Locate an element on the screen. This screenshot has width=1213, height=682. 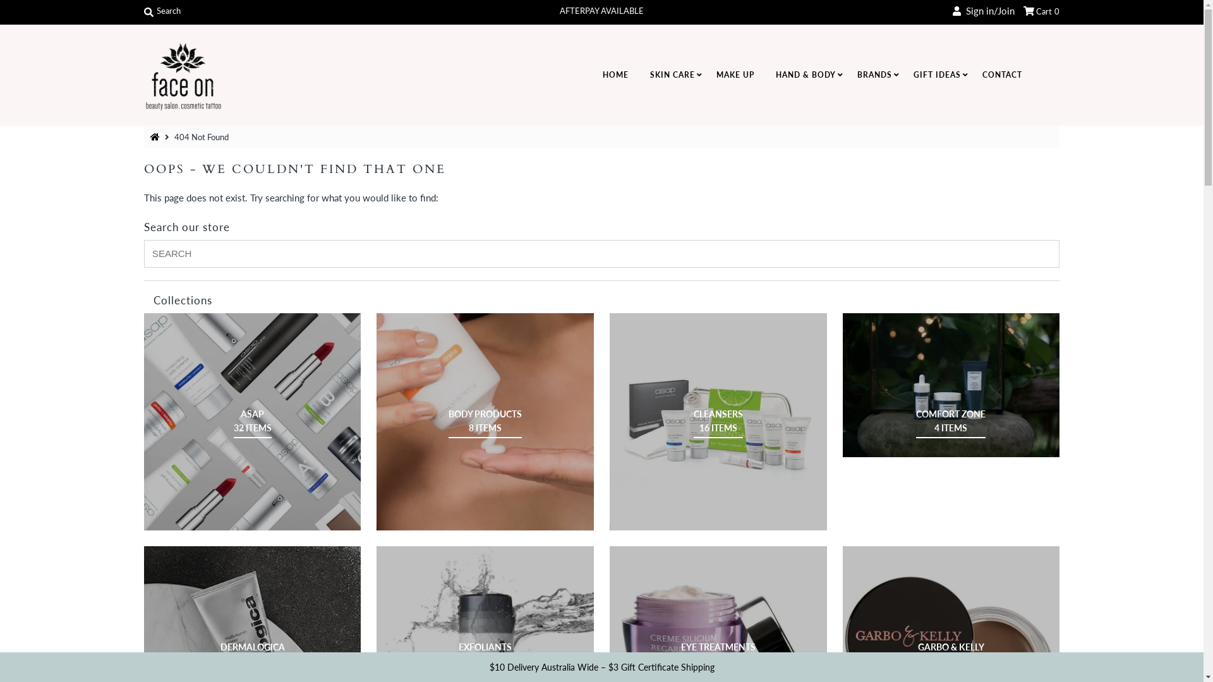
'DERMALOGICA is located at coordinates (252, 654).